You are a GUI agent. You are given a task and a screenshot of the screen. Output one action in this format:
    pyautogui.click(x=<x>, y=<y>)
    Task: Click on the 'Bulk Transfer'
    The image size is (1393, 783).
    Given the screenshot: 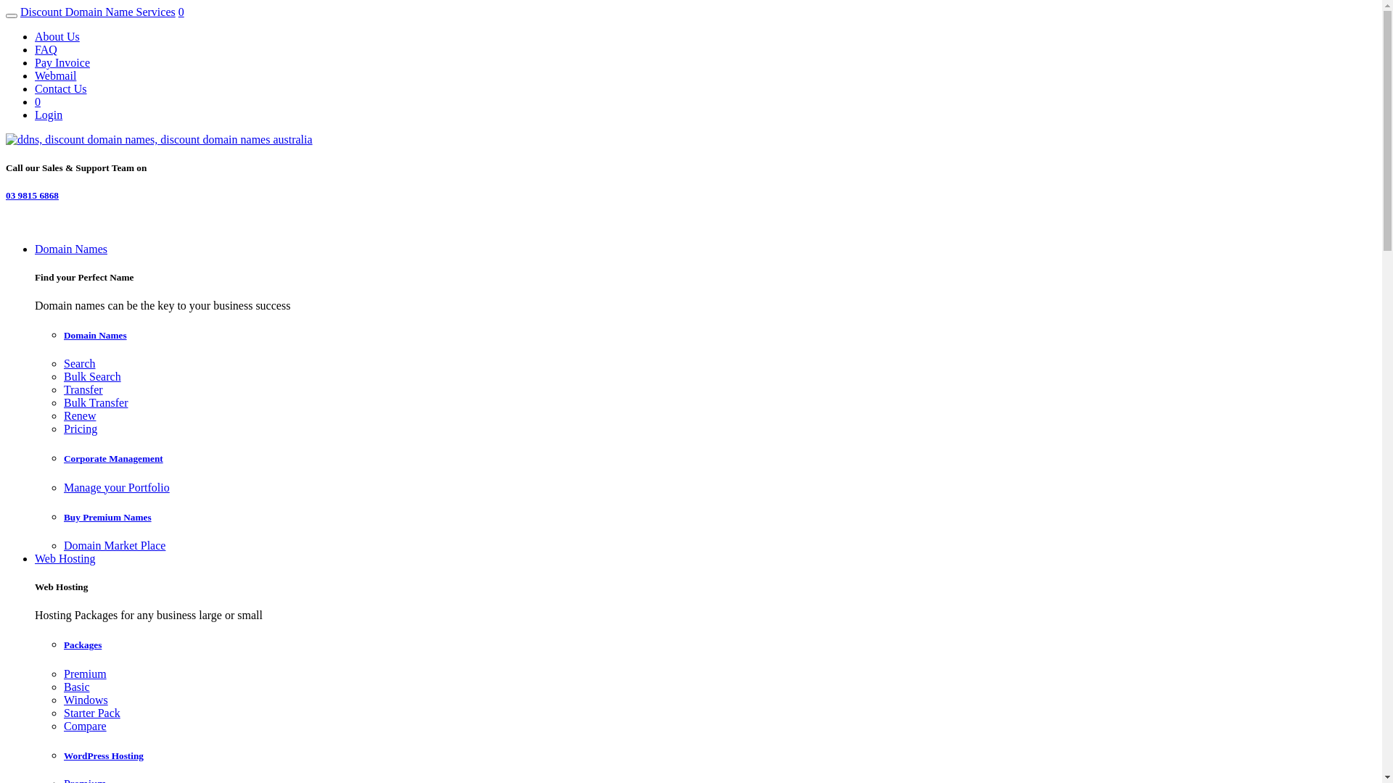 What is the action you would take?
    pyautogui.click(x=94, y=402)
    